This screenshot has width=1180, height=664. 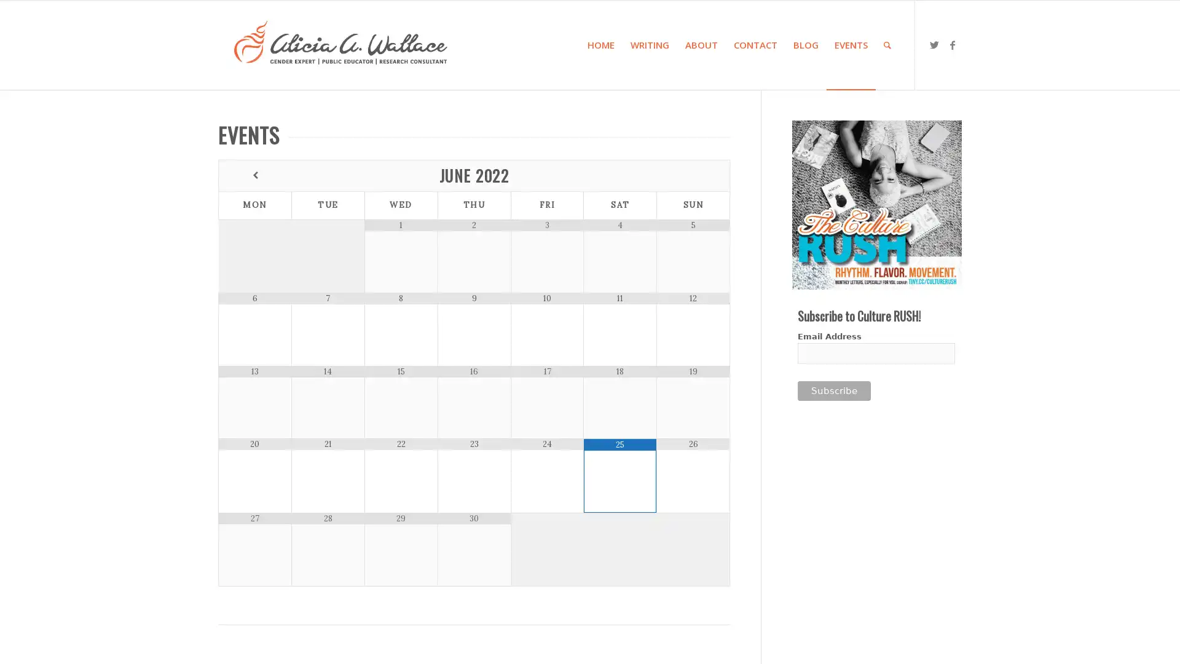 I want to click on Subscribe, so click(x=833, y=391).